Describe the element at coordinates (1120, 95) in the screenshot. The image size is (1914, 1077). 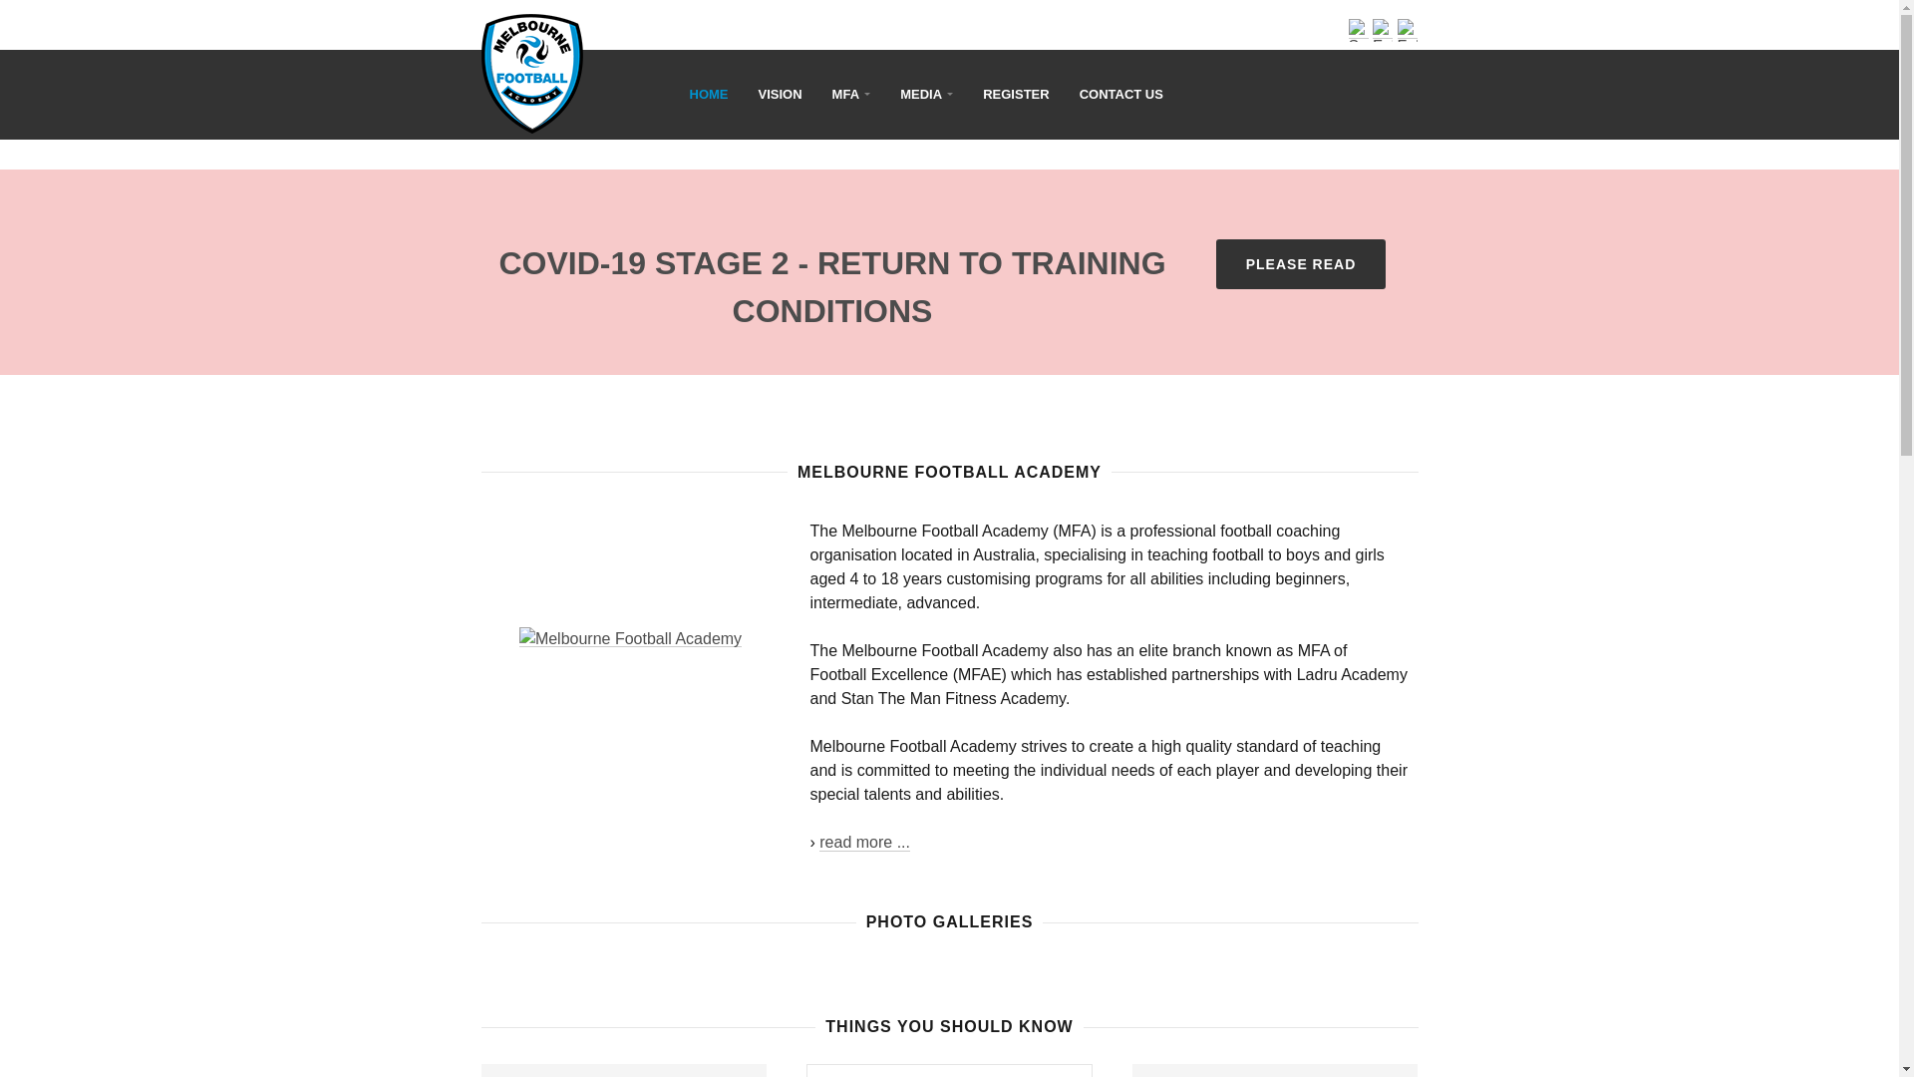
I see `'CONTACT US'` at that location.